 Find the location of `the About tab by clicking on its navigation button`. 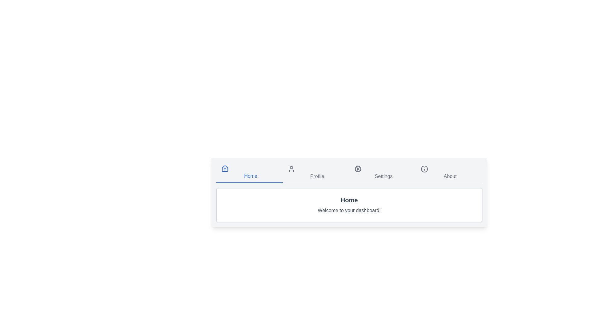

the About tab by clicking on its navigation button is located at coordinates (449, 173).